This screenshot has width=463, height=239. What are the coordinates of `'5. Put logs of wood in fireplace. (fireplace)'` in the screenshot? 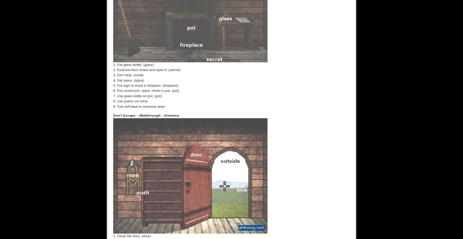 It's located at (146, 85).